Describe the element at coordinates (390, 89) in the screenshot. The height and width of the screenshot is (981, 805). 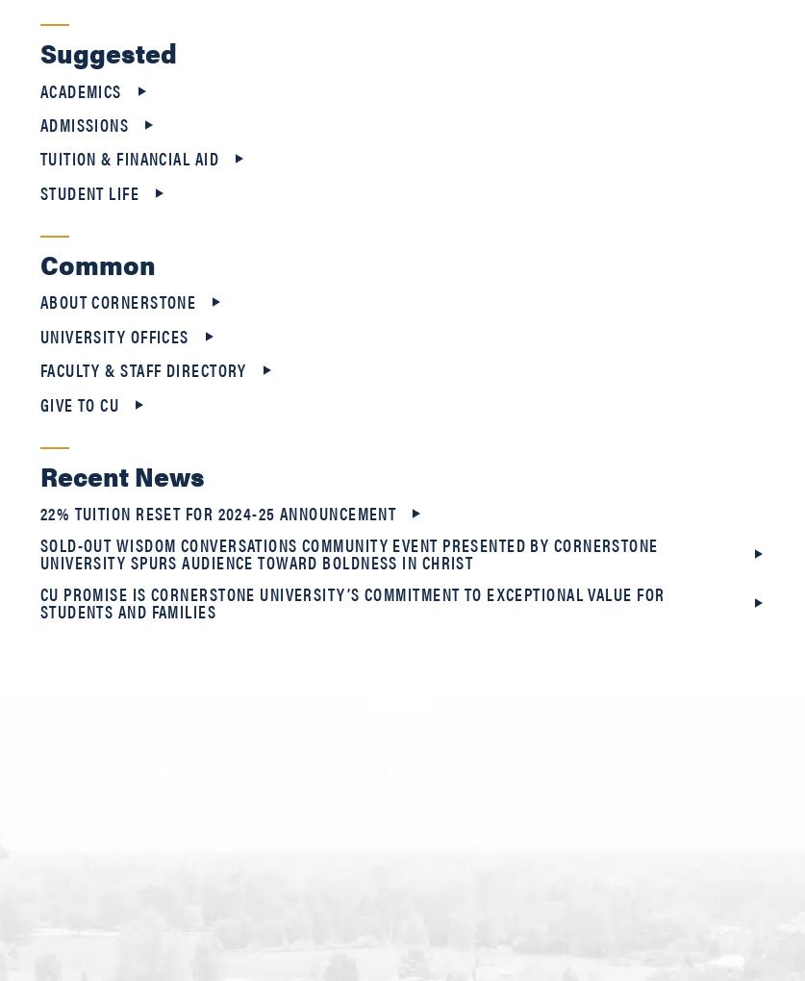
I see `'Why Choose An Affordable, Accredited Online MBA Degree from Cornerstone University?'` at that location.